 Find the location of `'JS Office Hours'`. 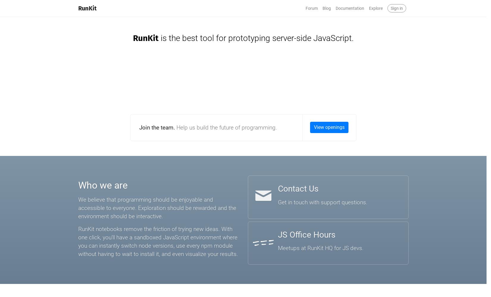

'JS Office Hours' is located at coordinates (306, 234).